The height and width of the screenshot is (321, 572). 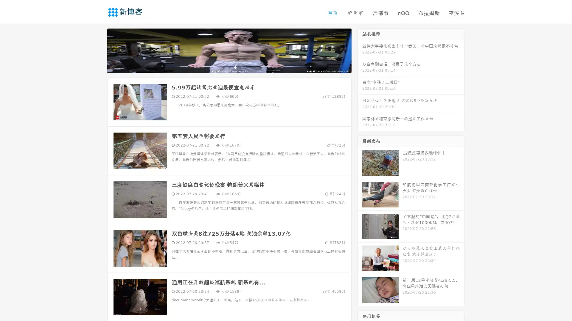 What do you see at coordinates (360, 50) in the screenshot?
I see `Next slide` at bounding box center [360, 50].